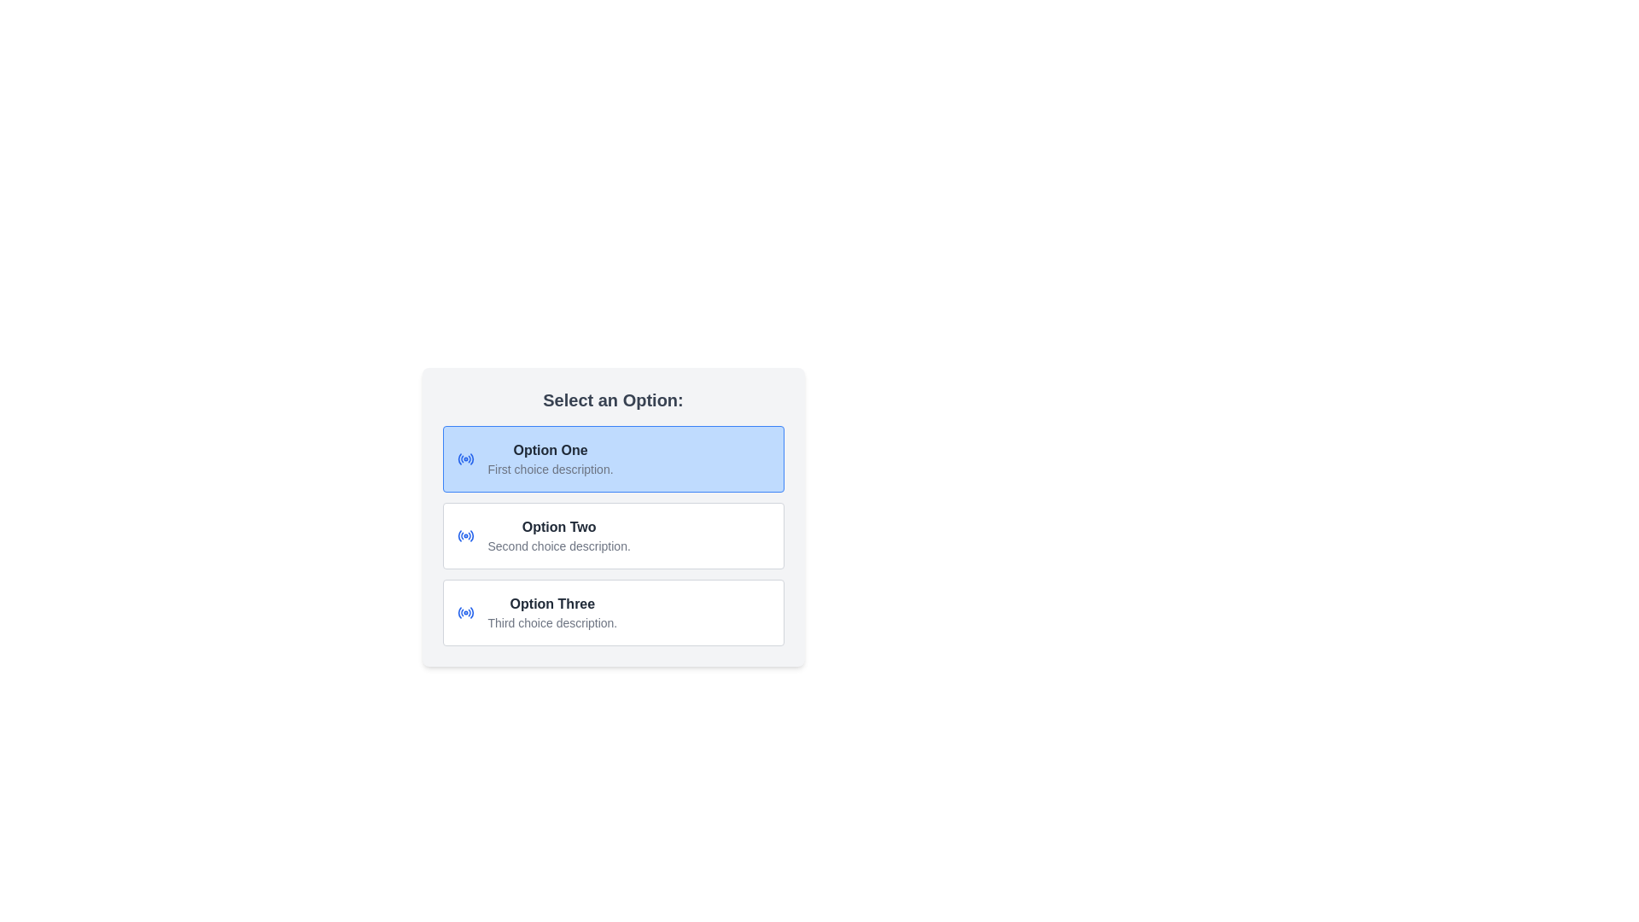 This screenshot has width=1639, height=922. I want to click on the third selectable option within a vertical list, which has a title and description, so click(552, 611).